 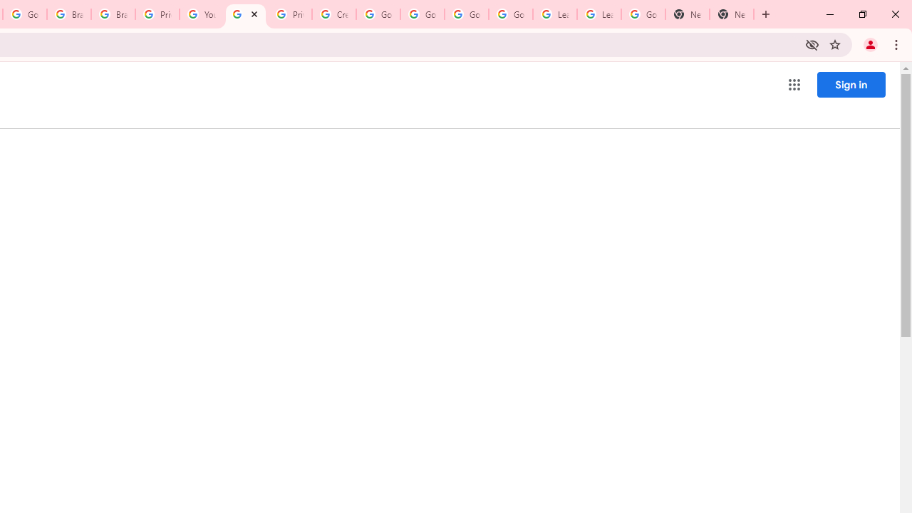 I want to click on 'New Tab', so click(x=732, y=14).